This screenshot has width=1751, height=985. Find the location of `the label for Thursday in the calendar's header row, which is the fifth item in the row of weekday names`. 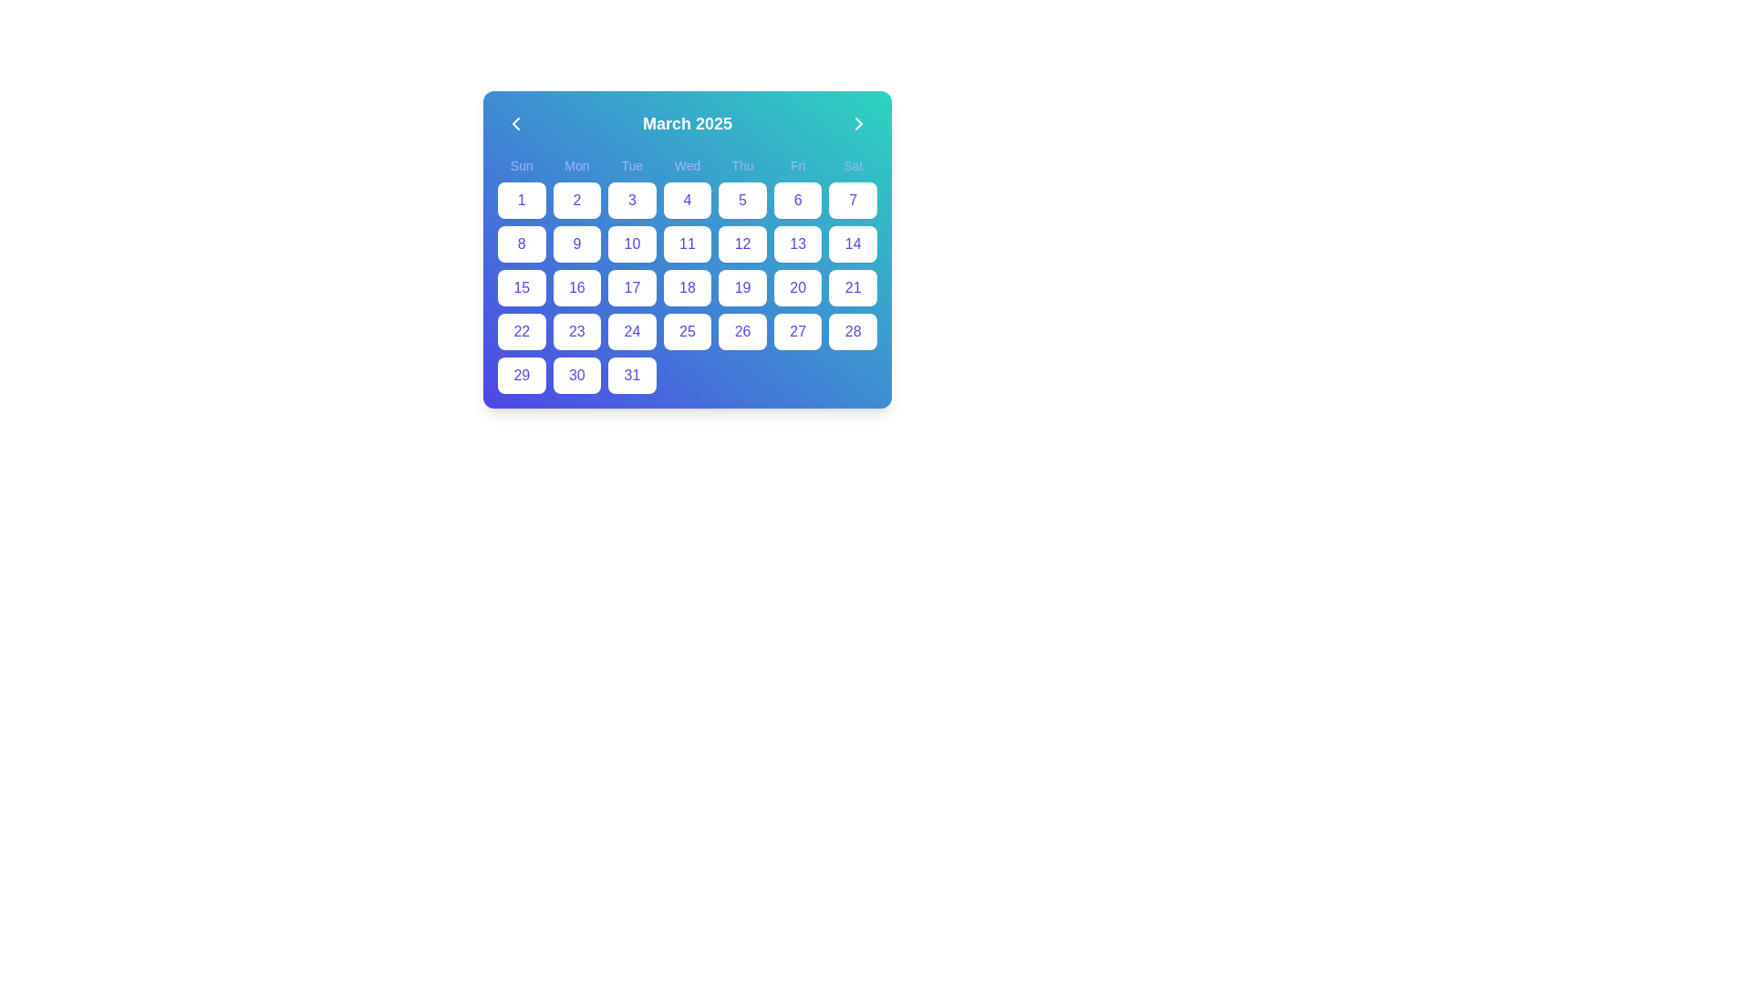

the label for Thursday in the calendar's header row, which is the fifth item in the row of weekday names is located at coordinates (742, 165).